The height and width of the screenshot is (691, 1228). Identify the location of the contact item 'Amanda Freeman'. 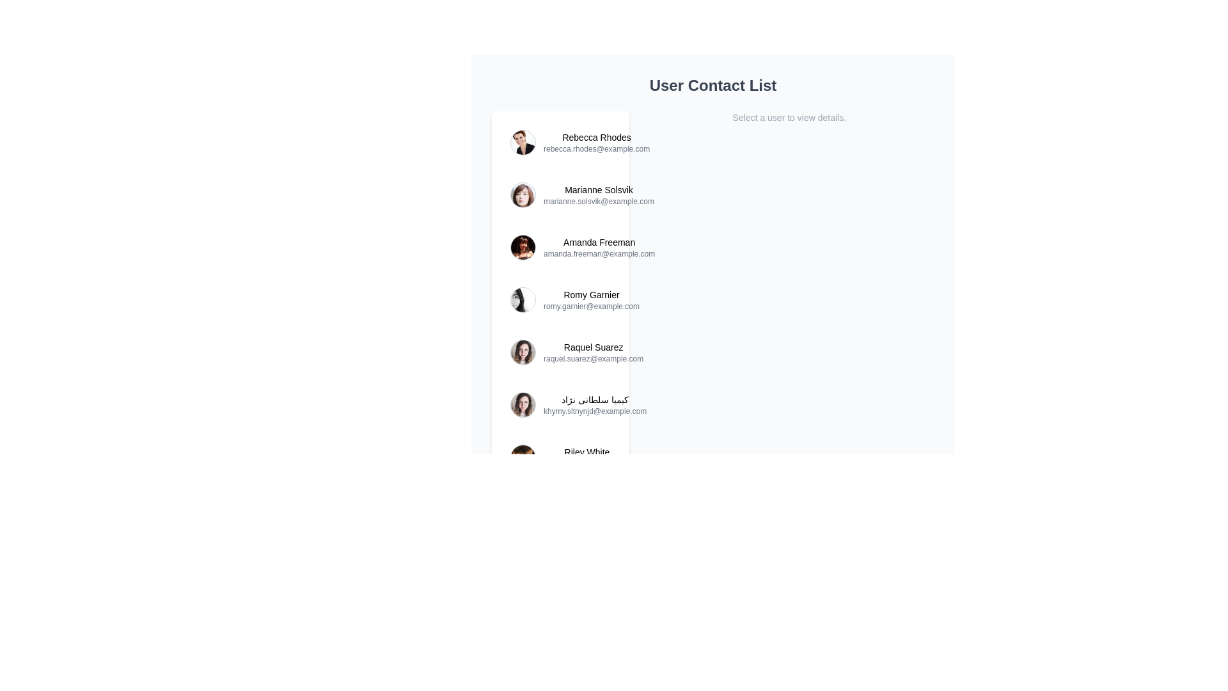
(560, 247).